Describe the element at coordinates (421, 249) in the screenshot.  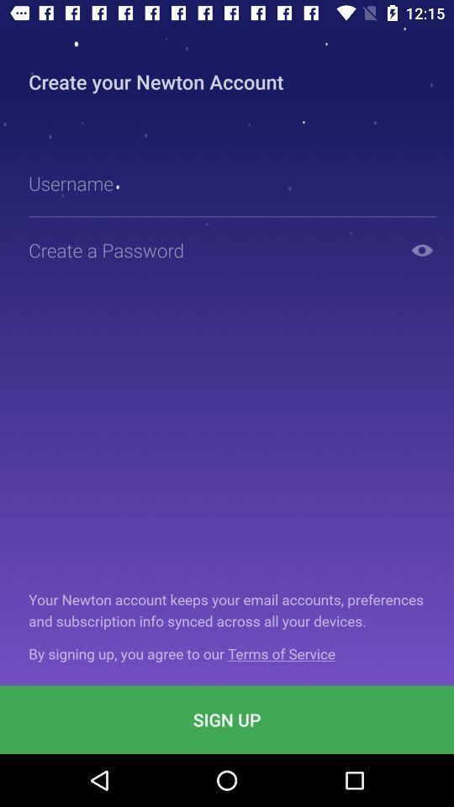
I see `the visibility icon` at that location.